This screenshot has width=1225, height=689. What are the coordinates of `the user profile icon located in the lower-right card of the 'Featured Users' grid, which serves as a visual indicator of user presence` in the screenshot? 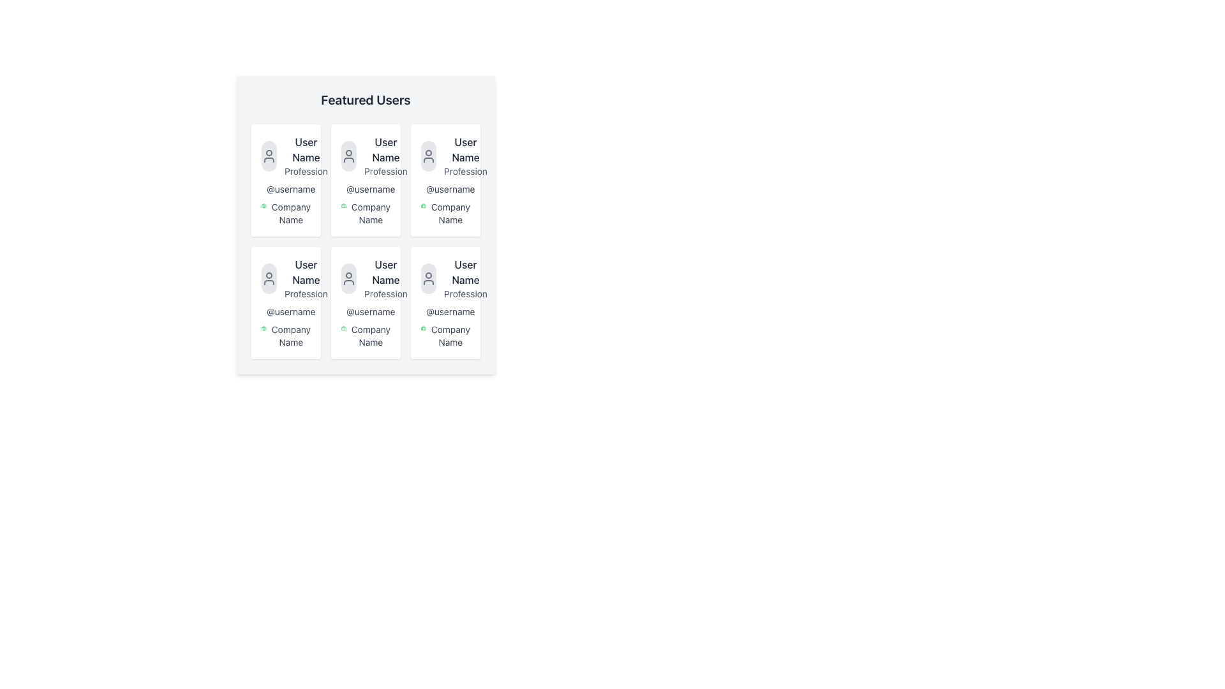 It's located at (429, 278).